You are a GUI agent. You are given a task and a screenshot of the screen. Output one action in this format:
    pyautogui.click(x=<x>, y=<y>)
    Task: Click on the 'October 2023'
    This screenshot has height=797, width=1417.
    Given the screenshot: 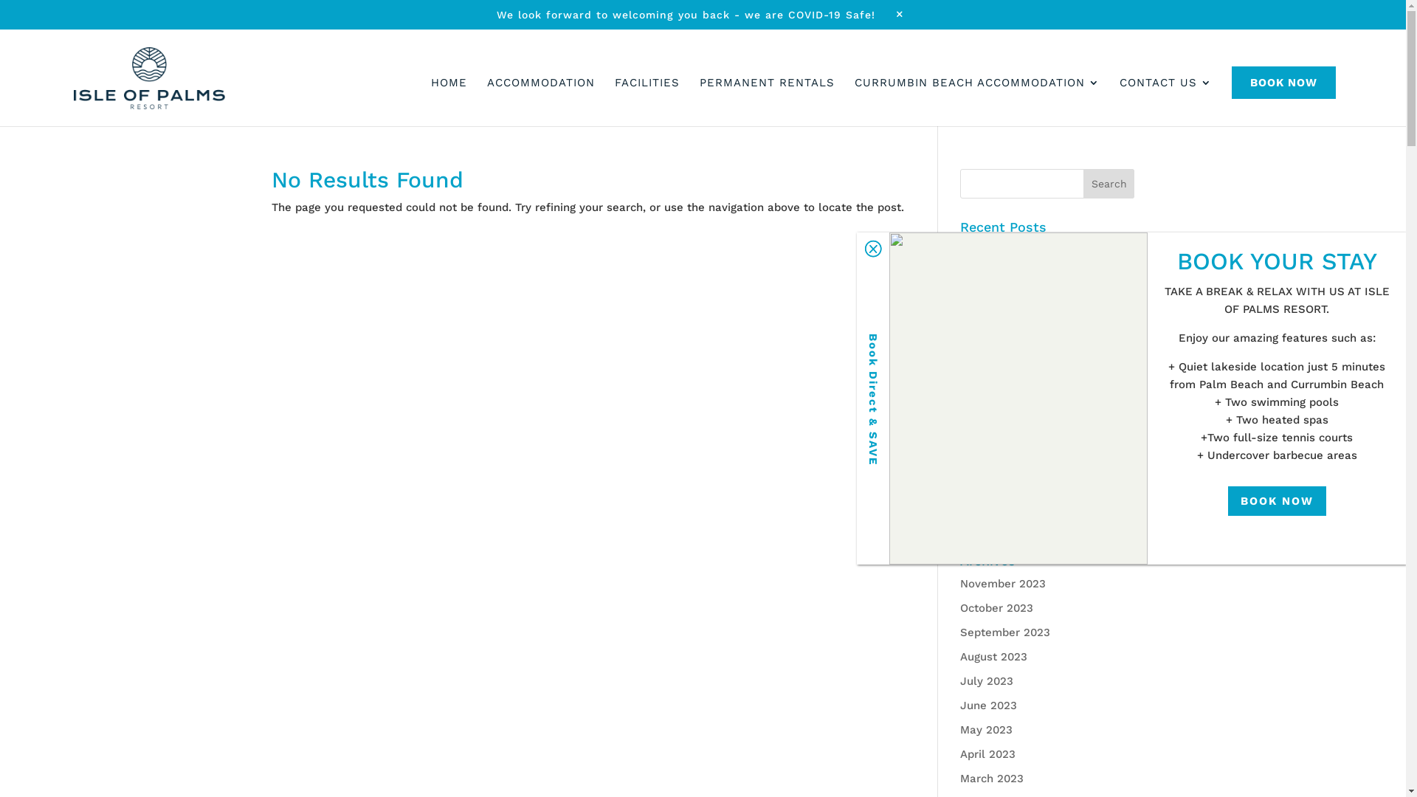 What is the action you would take?
    pyautogui.click(x=959, y=608)
    